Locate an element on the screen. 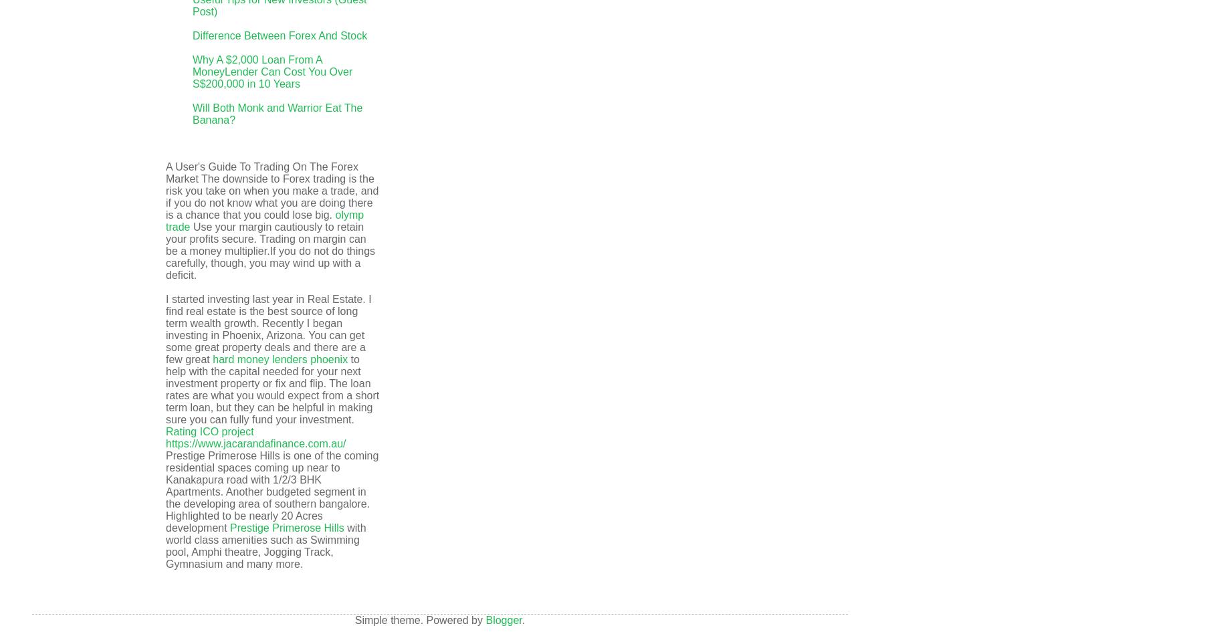 The image size is (1209, 636). 'with world class amenities such as Swimming pool, Amphi theatre, Jogging Track, Gymnasium and many more.' is located at coordinates (265, 545).